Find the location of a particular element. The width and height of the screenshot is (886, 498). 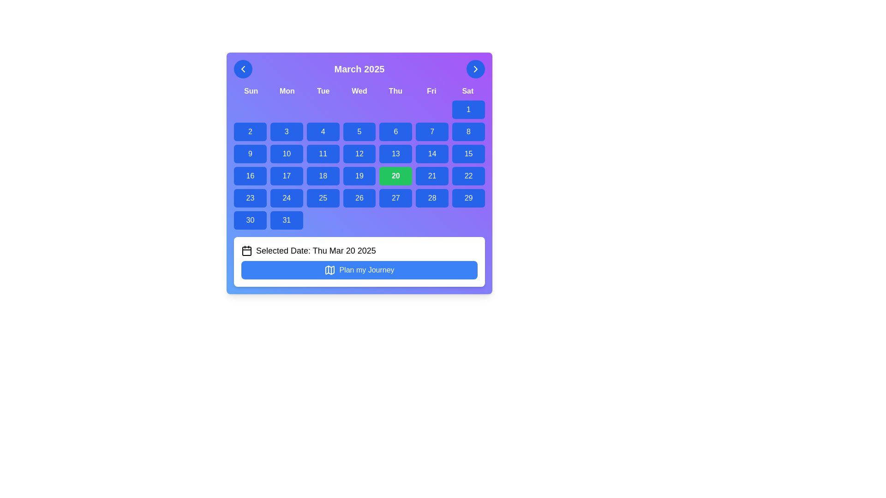

the rectangular button displaying the text '23' with a blue background is located at coordinates (250, 197).